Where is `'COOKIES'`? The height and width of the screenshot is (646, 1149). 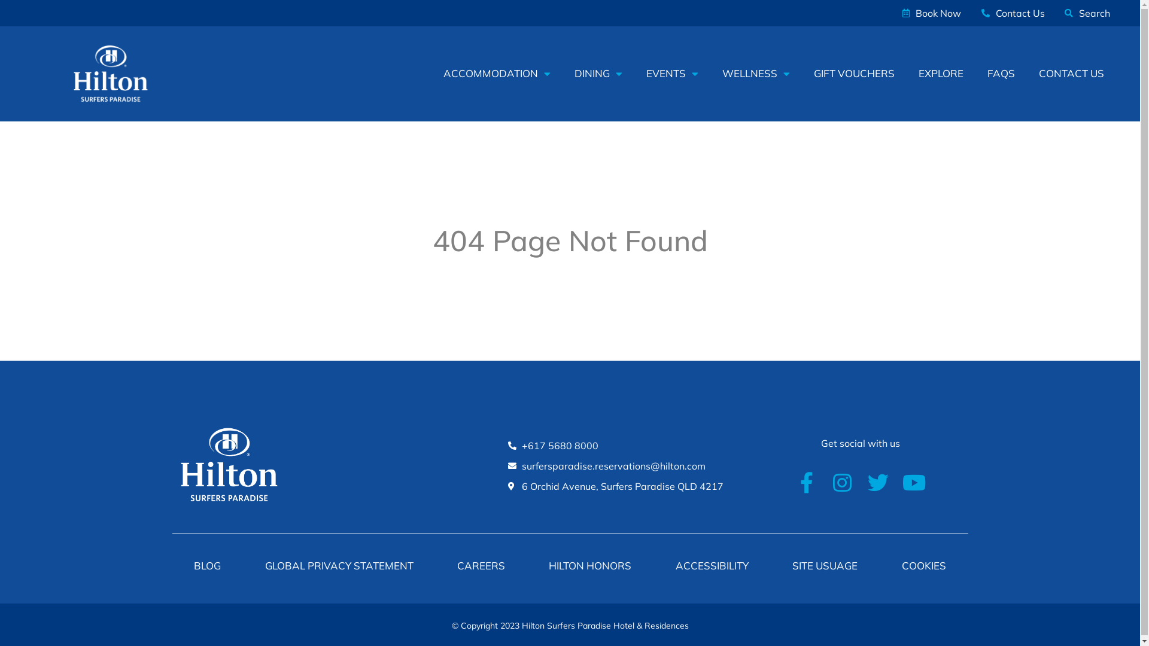
'COOKIES' is located at coordinates (923, 565).